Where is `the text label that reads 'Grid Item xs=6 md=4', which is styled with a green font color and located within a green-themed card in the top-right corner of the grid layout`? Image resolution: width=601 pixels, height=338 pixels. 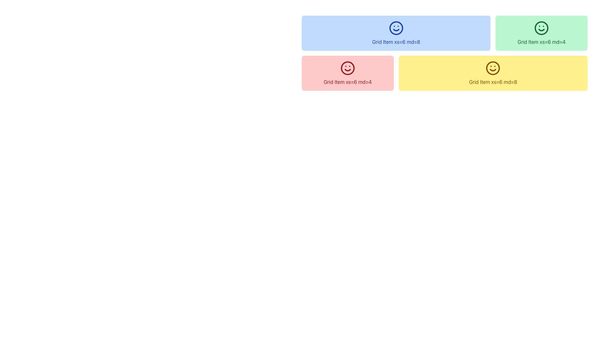 the text label that reads 'Grid Item xs=6 md=4', which is styled with a green font color and located within a green-themed card in the top-right corner of the grid layout is located at coordinates (541, 42).